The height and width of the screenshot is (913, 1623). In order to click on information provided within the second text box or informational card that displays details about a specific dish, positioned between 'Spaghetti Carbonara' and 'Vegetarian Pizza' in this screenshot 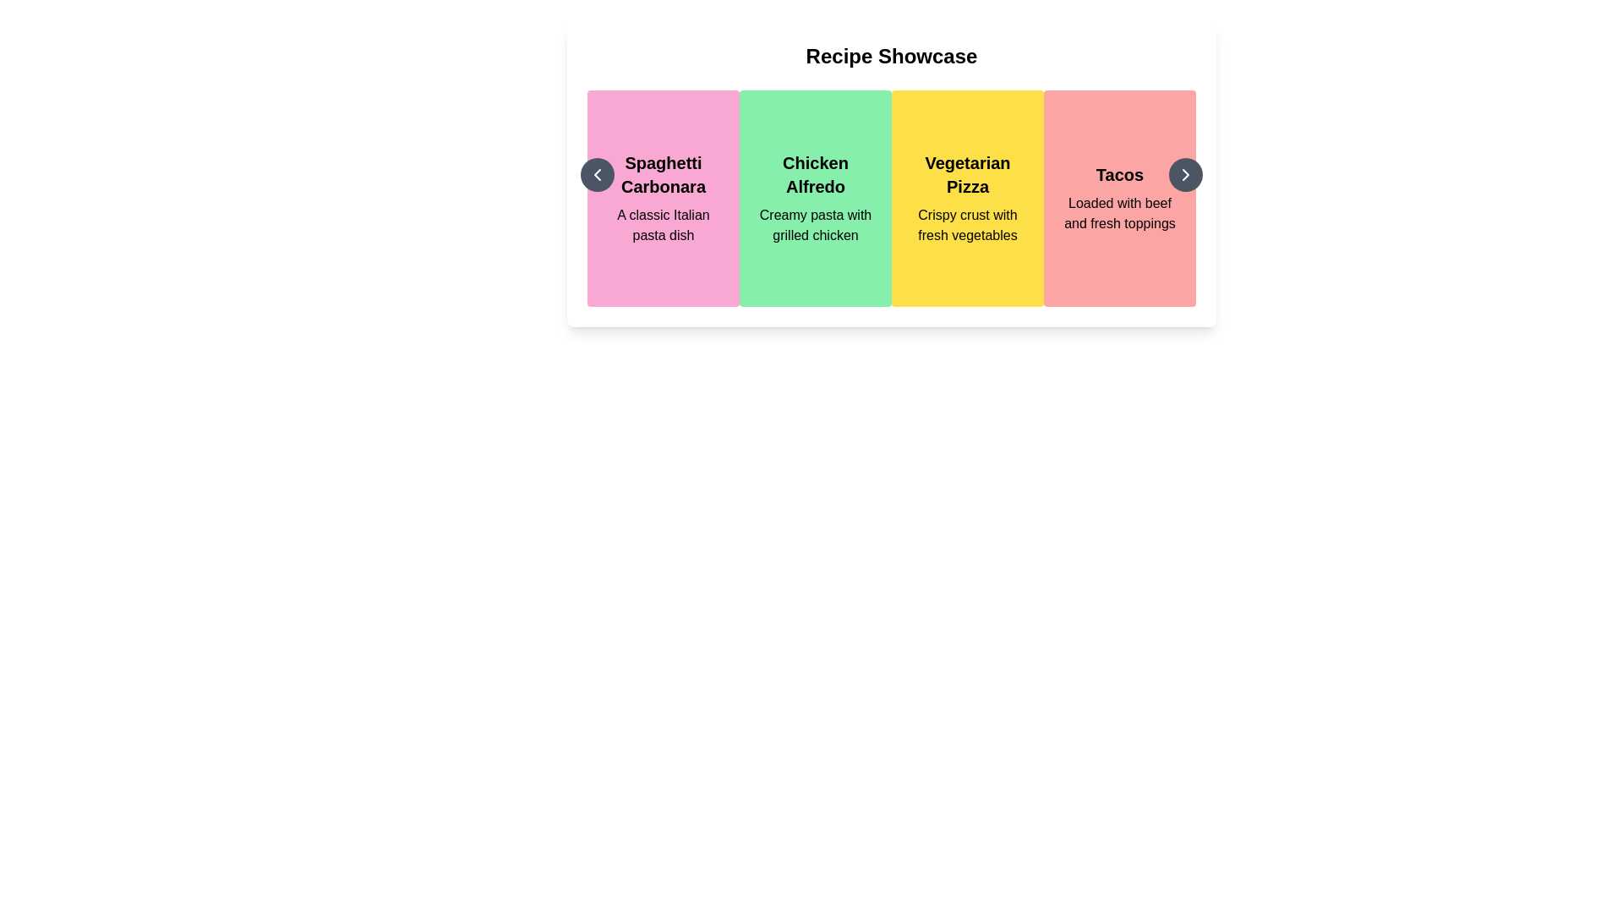, I will do `click(815, 198)`.